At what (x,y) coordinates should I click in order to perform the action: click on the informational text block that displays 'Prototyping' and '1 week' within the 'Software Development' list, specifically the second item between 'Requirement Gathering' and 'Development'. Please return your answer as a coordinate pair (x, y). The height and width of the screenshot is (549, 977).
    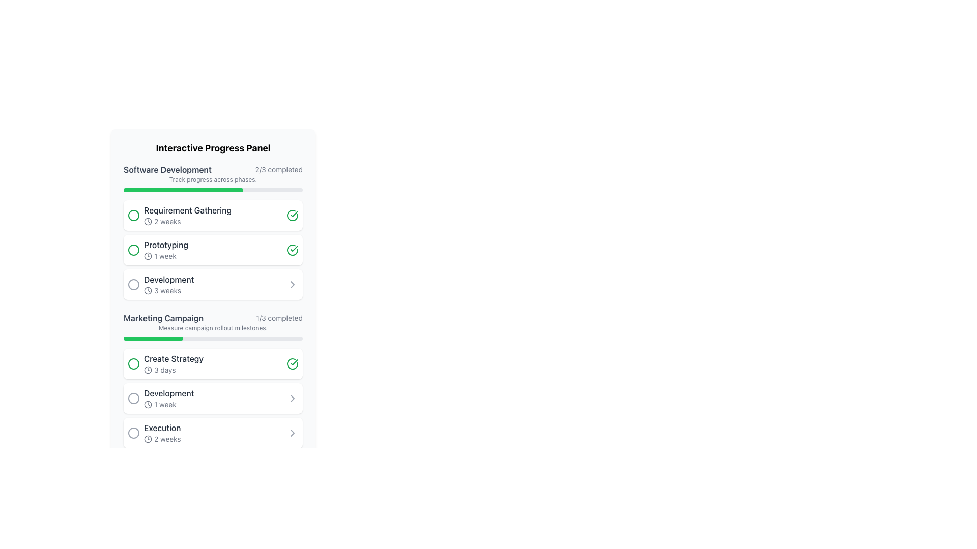
    Looking at the image, I should click on (166, 250).